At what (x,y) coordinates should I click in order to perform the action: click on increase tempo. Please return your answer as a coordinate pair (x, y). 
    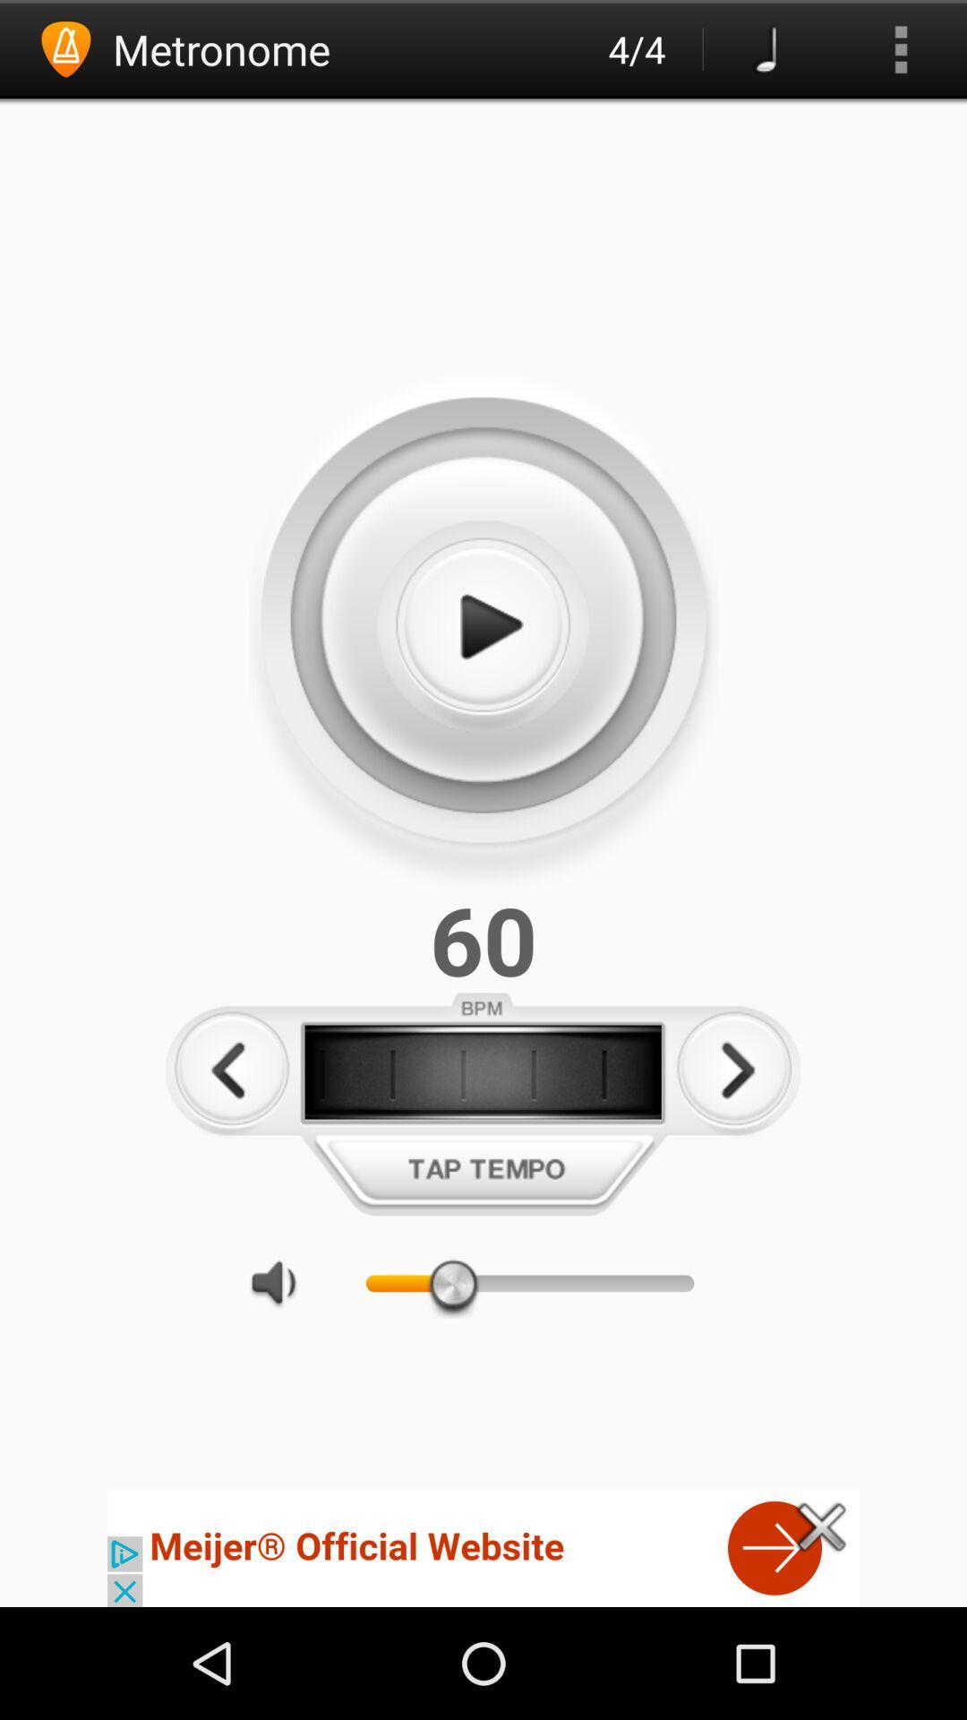
    Looking at the image, I should click on (734, 1071).